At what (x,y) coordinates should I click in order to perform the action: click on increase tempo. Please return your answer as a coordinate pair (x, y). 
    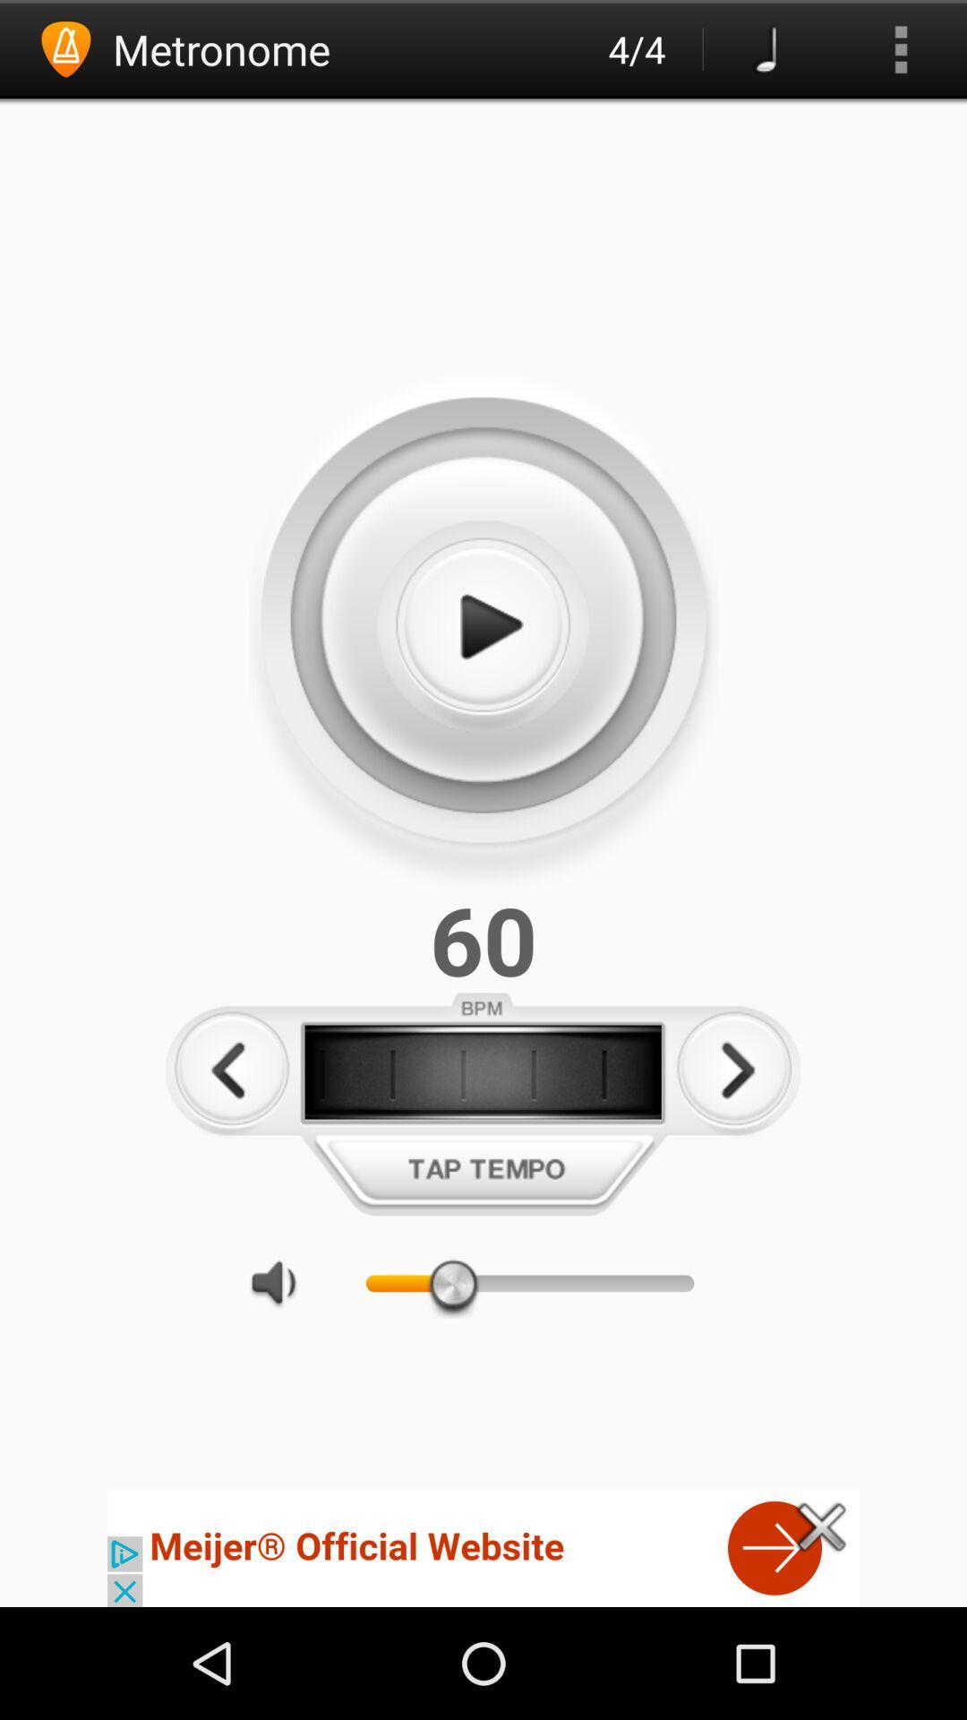
    Looking at the image, I should click on (734, 1071).